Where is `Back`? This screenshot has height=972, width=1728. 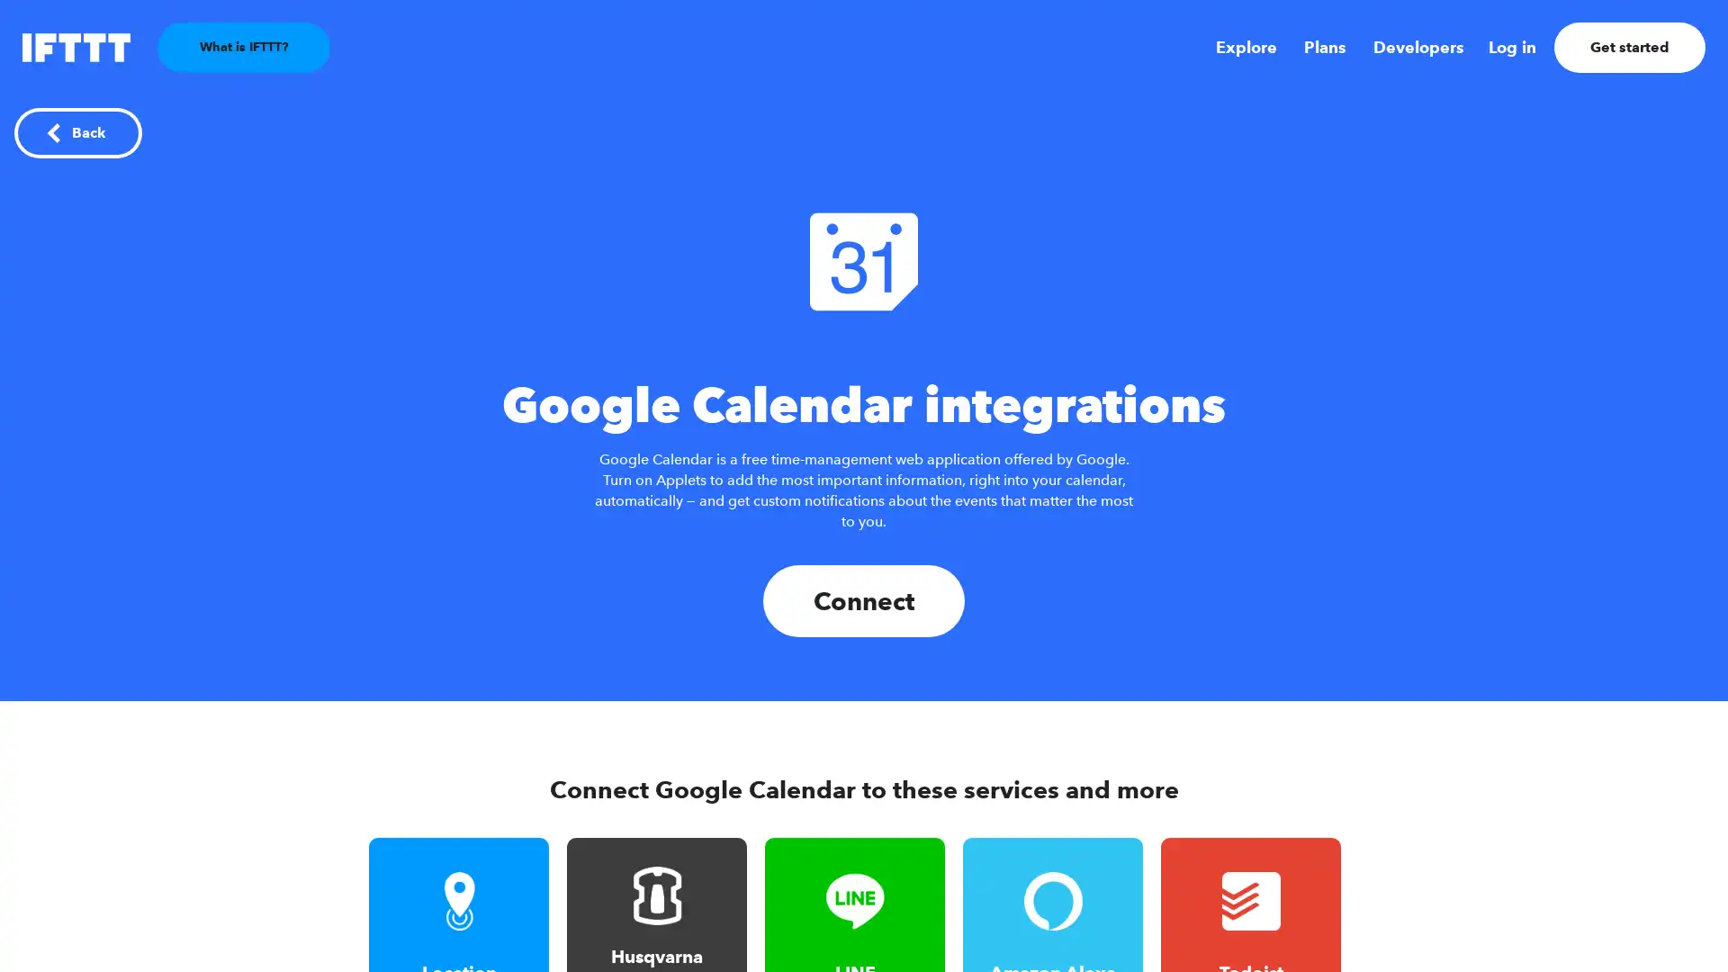
Back is located at coordinates (76, 131).